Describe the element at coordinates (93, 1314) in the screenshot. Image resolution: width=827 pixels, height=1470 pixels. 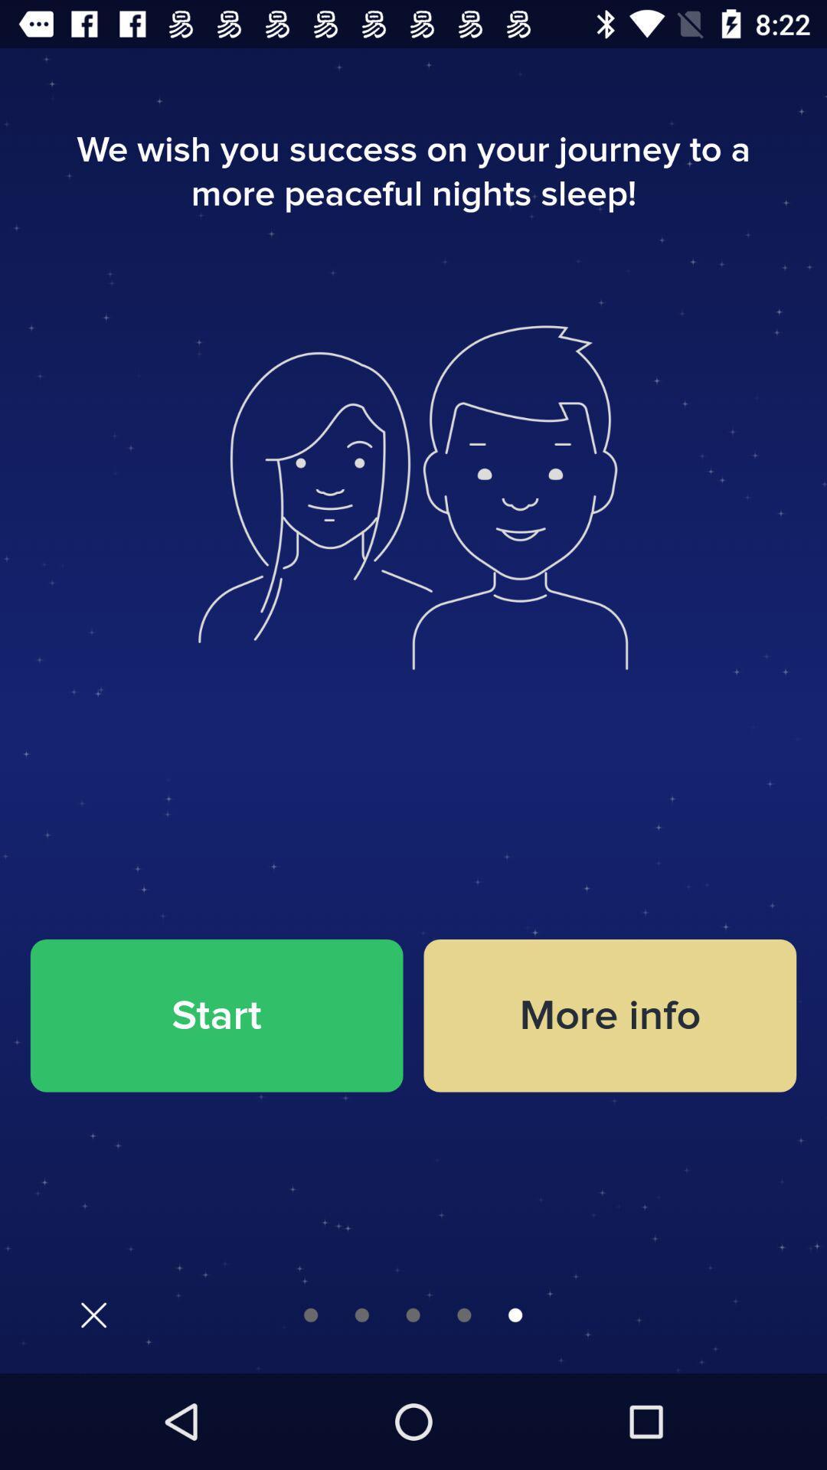
I see `exit button` at that location.